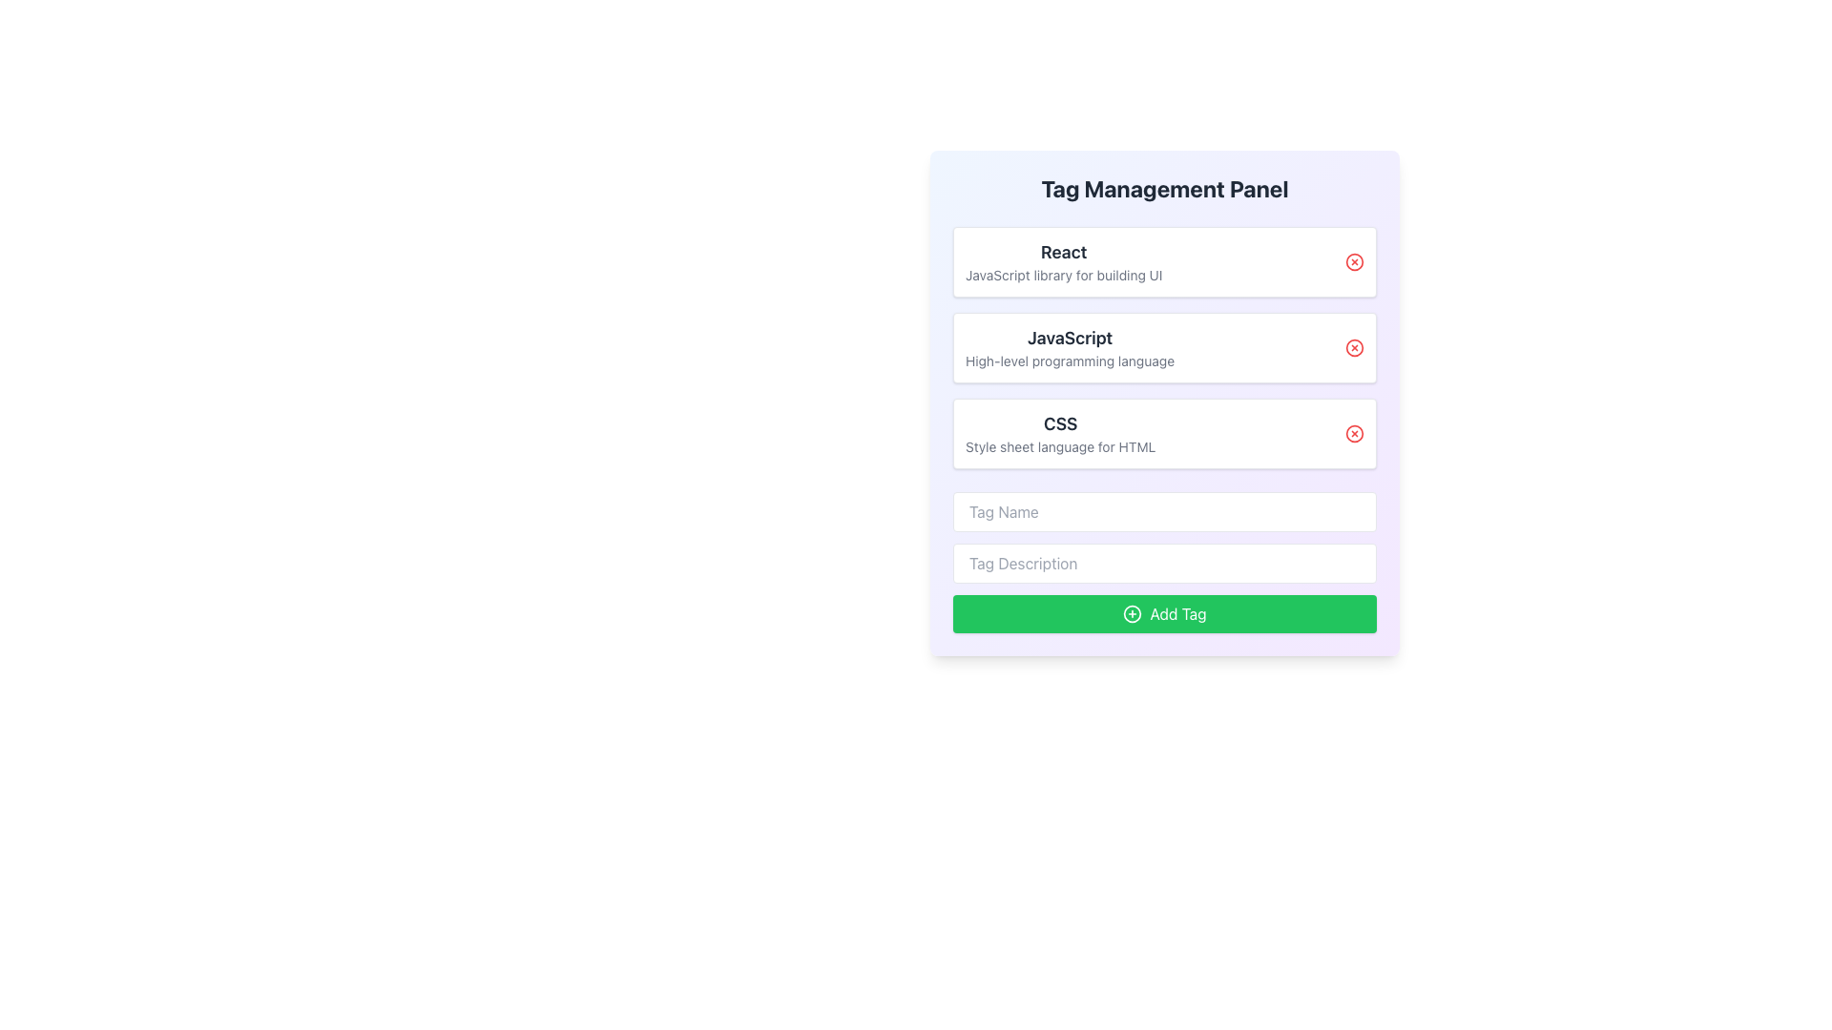 Image resolution: width=1832 pixels, height=1030 pixels. What do you see at coordinates (1163, 434) in the screenshot?
I see `the tag element labeled 'CSS' in the Tag Management Panel` at bounding box center [1163, 434].